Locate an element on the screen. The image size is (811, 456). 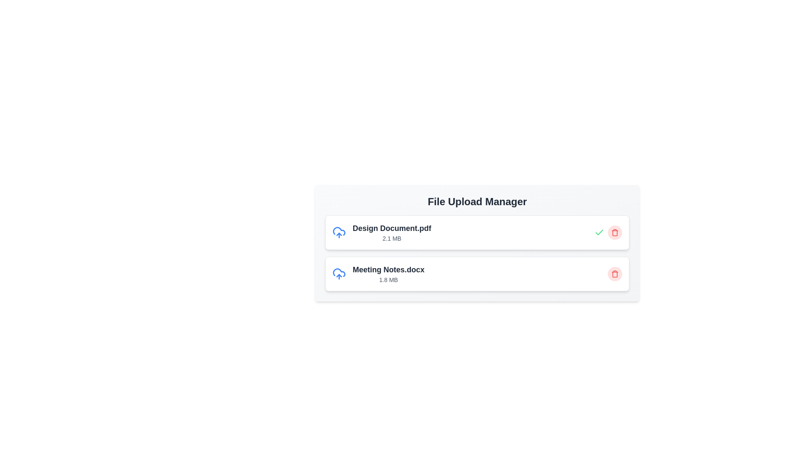
trash icon corresponding to the file named Meeting Notes.docx to remove it is located at coordinates (615, 274).